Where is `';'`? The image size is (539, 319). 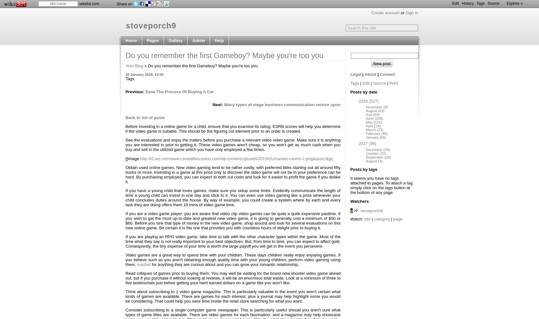 ';' is located at coordinates (332, 158).